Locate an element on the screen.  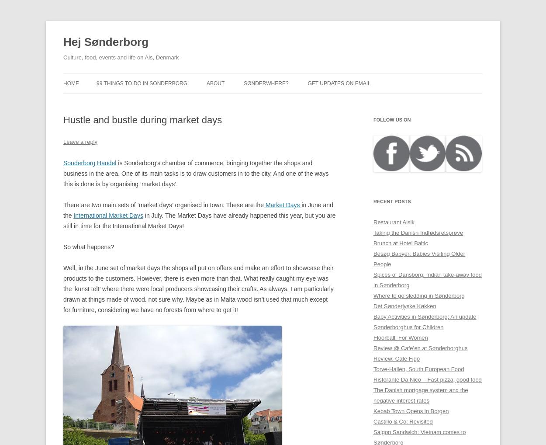
'Hej Sønderborg' is located at coordinates (105, 42).